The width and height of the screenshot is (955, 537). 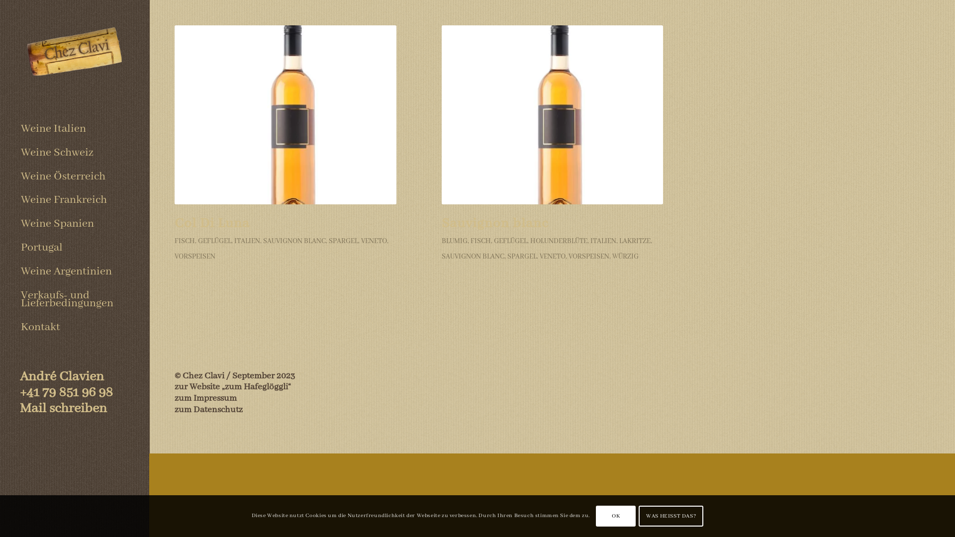 I want to click on 'LAKRITZE', so click(x=634, y=241).